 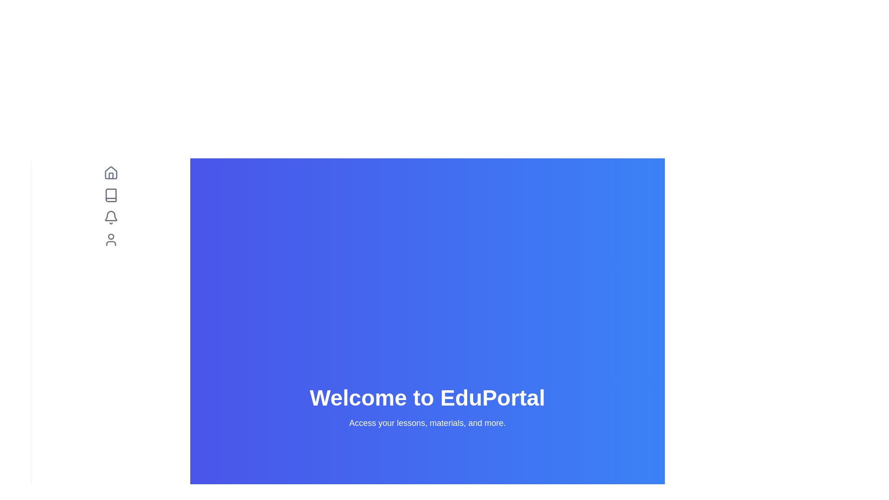 I want to click on the user navigation icon, so click(x=111, y=239).